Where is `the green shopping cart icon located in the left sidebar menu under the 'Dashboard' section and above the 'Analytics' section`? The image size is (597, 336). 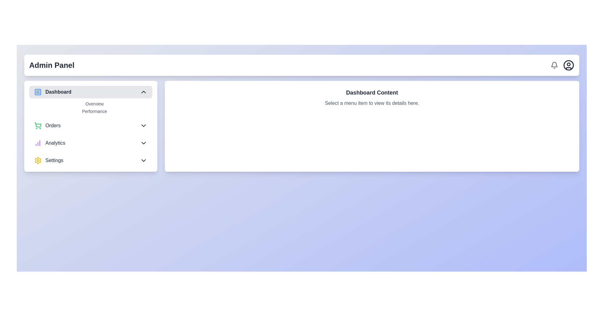 the green shopping cart icon located in the left sidebar menu under the 'Dashboard' section and above the 'Analytics' section is located at coordinates (37, 126).